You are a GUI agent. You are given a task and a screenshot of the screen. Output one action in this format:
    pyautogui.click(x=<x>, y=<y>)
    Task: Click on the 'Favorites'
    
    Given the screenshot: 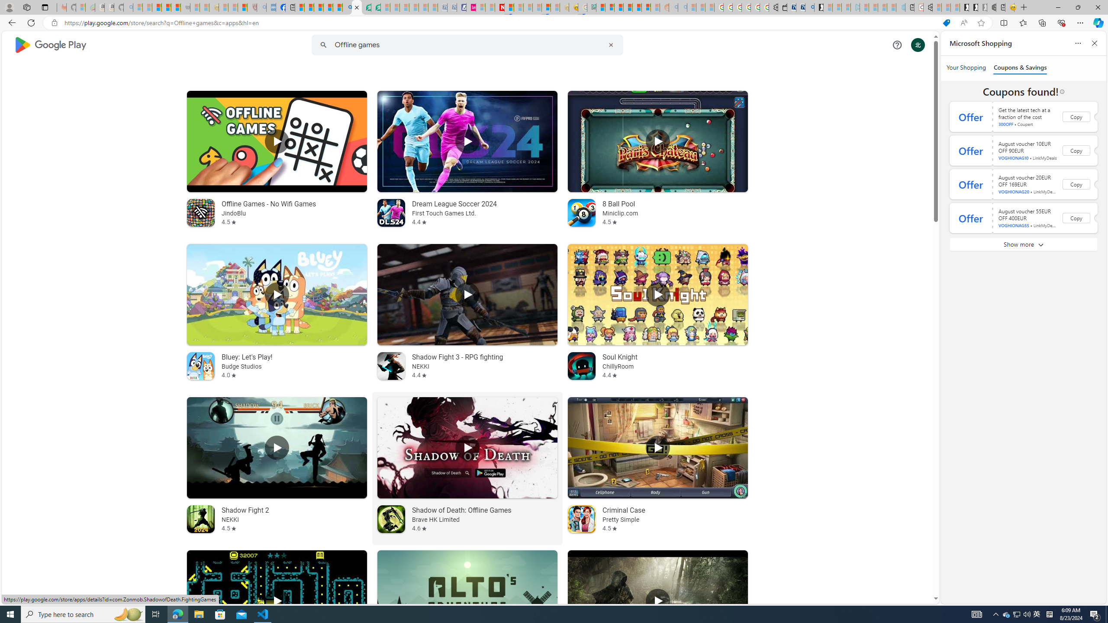 What is the action you would take?
    pyautogui.click(x=1023, y=22)
    